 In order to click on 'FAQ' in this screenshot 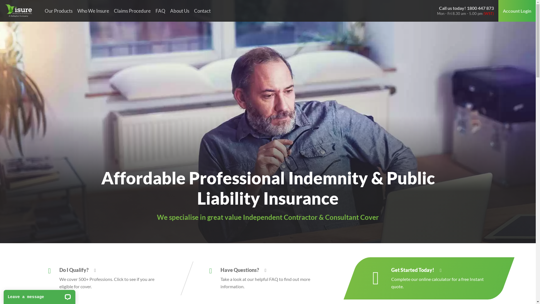, I will do `click(160, 11)`.